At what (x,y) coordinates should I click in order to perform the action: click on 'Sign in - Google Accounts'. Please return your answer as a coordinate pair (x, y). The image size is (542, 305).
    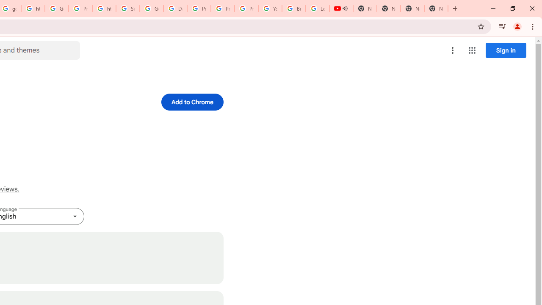
    Looking at the image, I should click on (127, 8).